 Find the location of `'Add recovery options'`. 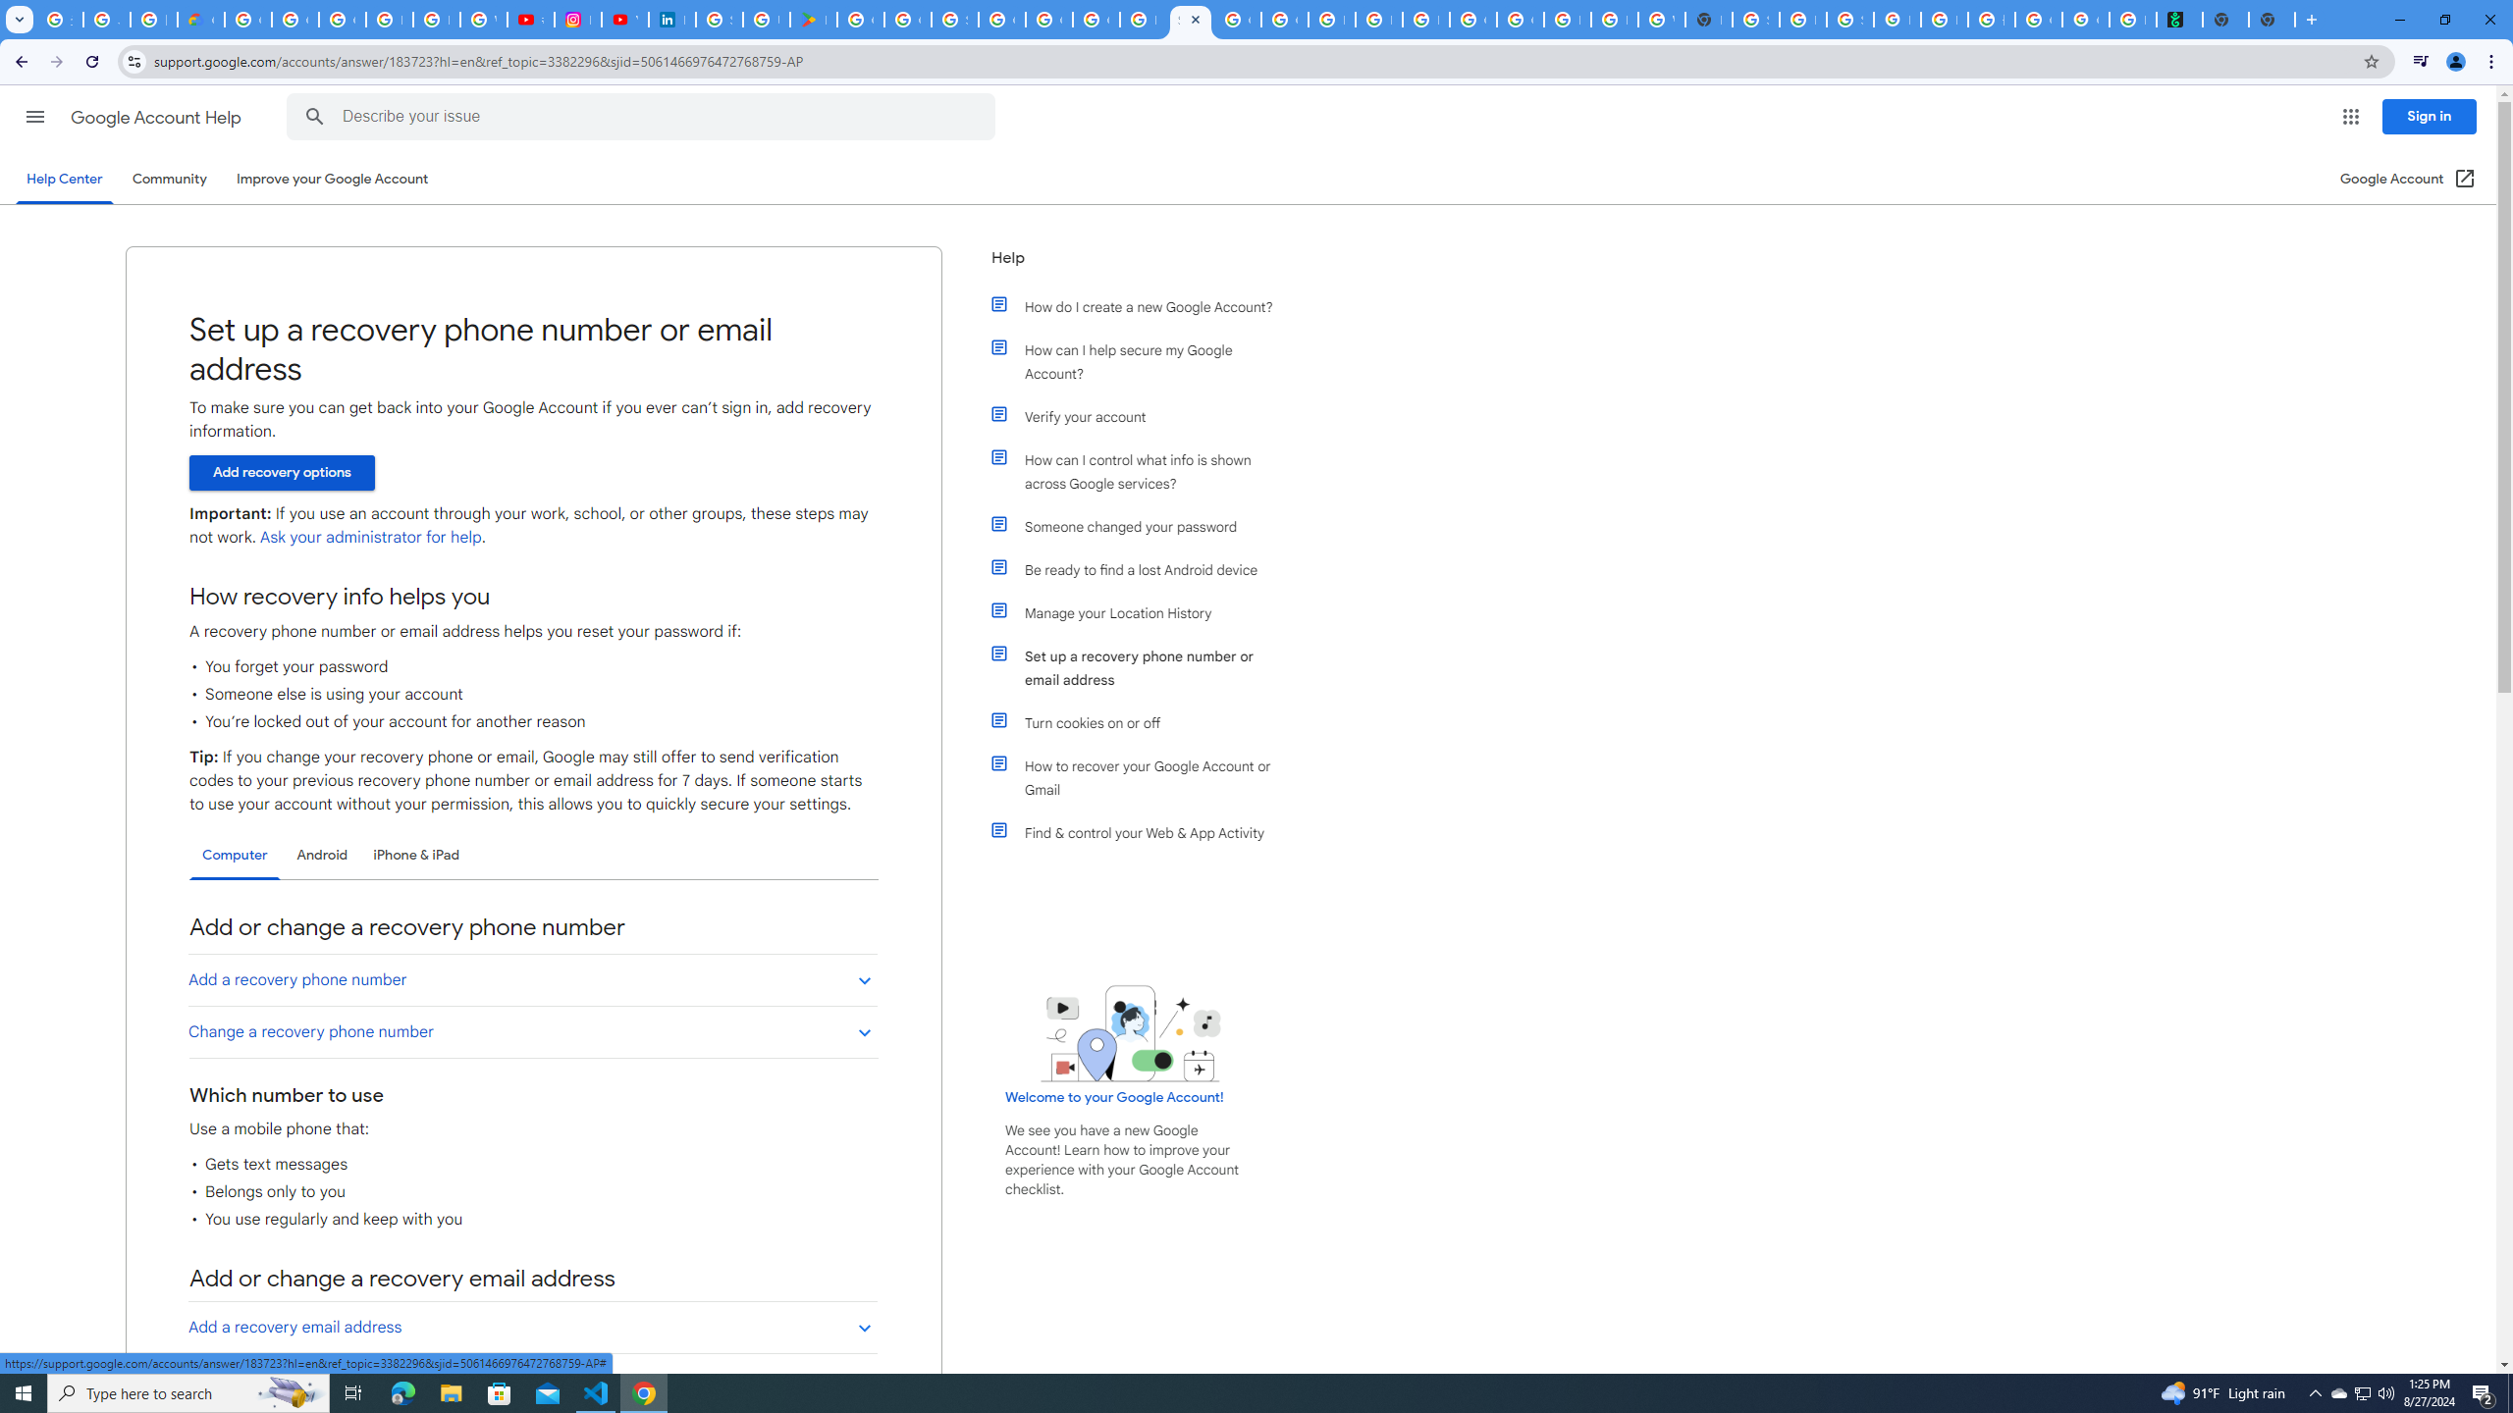

'Add recovery options' is located at coordinates (280, 471).